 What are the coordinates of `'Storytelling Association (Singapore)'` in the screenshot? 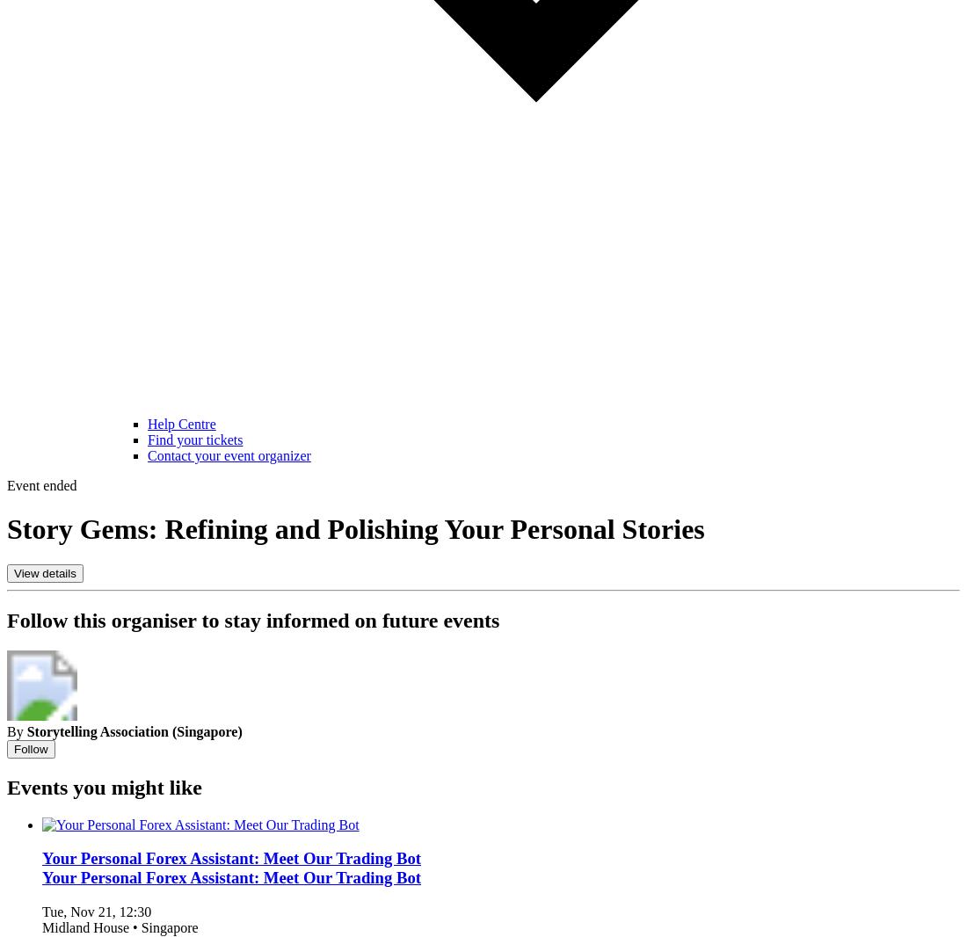 It's located at (133, 730).